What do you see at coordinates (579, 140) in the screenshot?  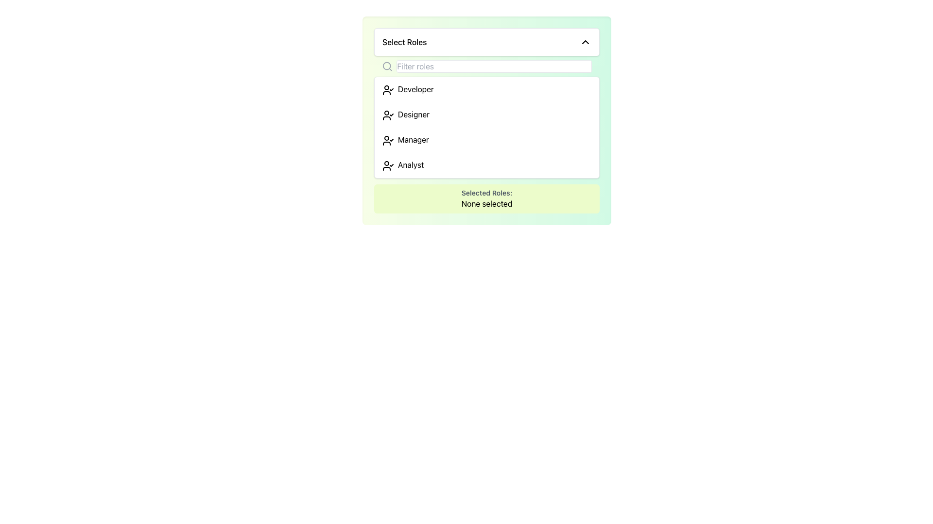 I see `the 'Add' button located at the right end of the row for 'Manager', which is the third item in the list` at bounding box center [579, 140].